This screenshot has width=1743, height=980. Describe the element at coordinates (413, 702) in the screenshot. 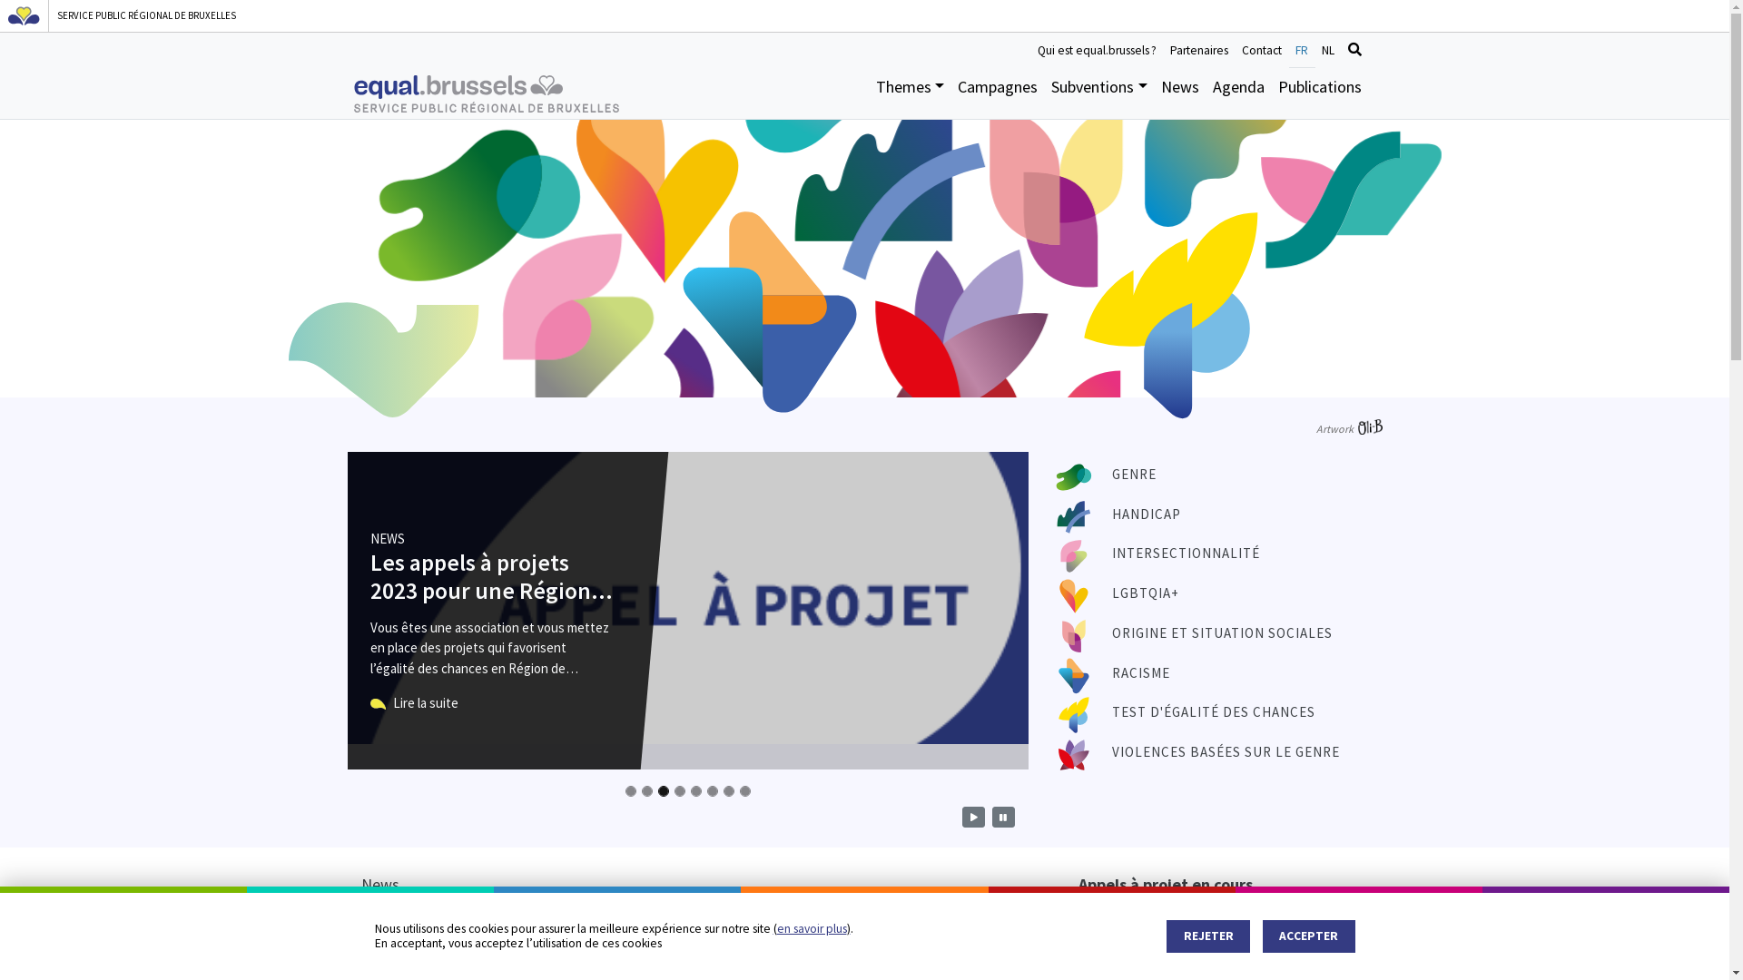

I see `'Lire la suite'` at that location.